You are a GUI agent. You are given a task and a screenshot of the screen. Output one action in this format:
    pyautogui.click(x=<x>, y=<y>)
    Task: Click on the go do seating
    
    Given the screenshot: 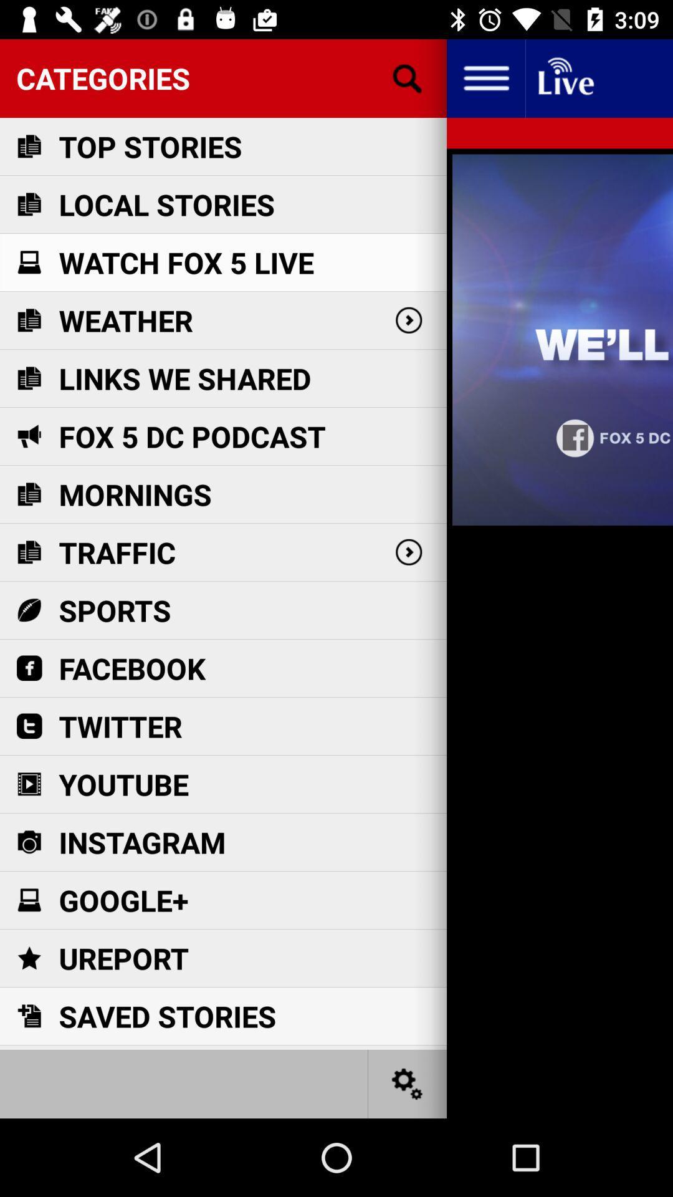 What is the action you would take?
    pyautogui.click(x=408, y=1083)
    